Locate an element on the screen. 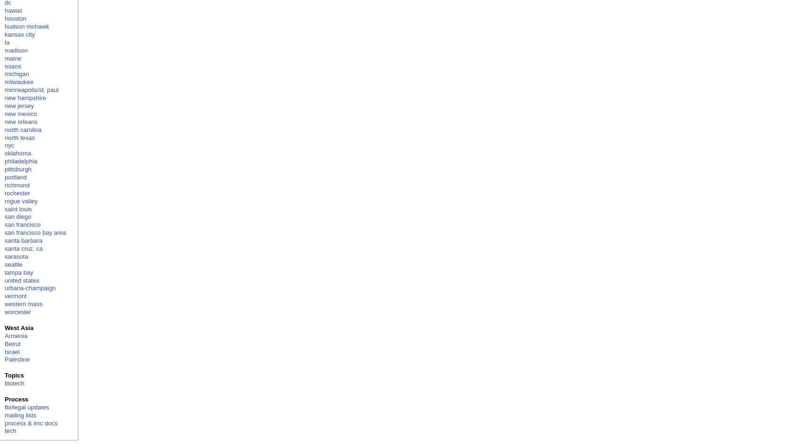 Image resolution: width=795 pixels, height=447 pixels. 'santa cruz, ca' is located at coordinates (4, 248).